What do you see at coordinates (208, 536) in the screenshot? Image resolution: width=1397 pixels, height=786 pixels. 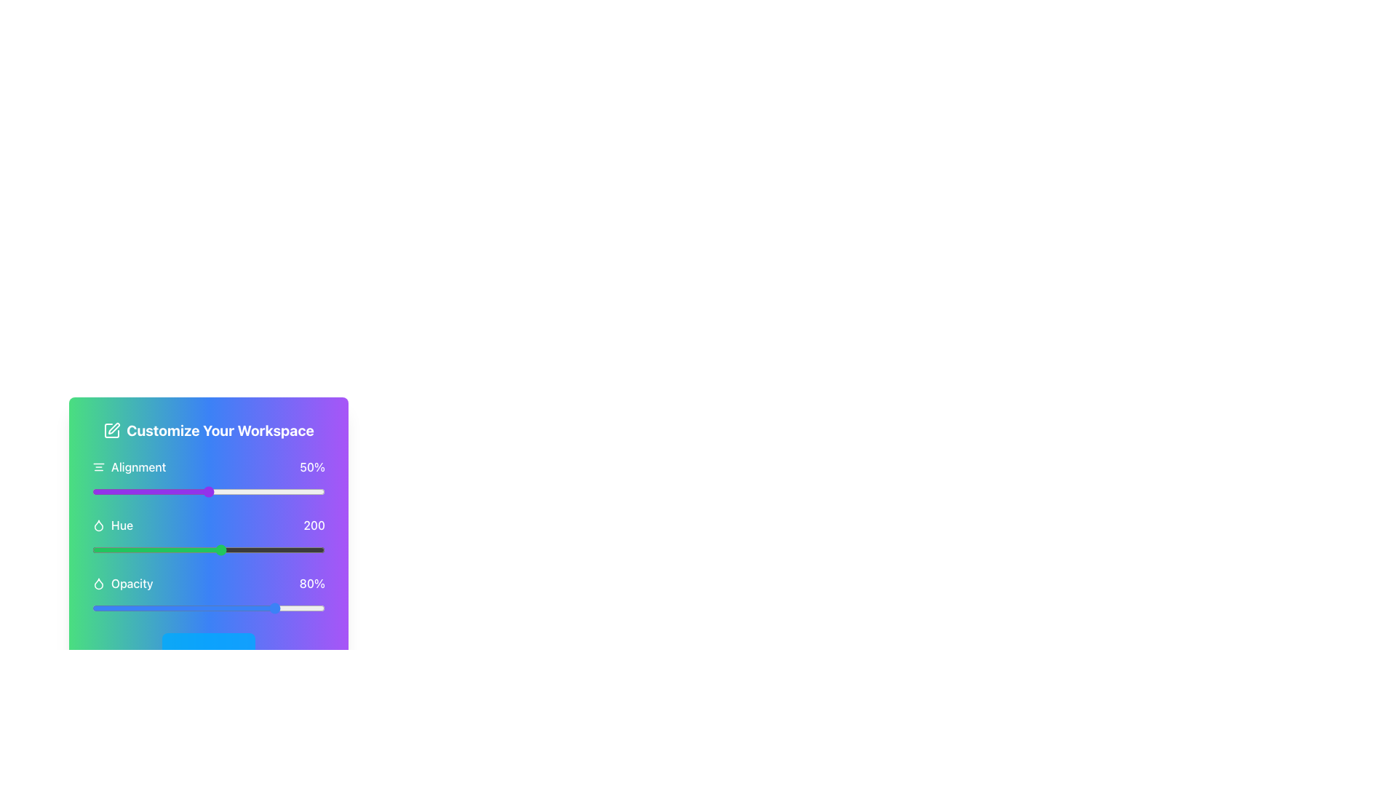 I see `the 'Hue 200' horizontal slider` at bounding box center [208, 536].